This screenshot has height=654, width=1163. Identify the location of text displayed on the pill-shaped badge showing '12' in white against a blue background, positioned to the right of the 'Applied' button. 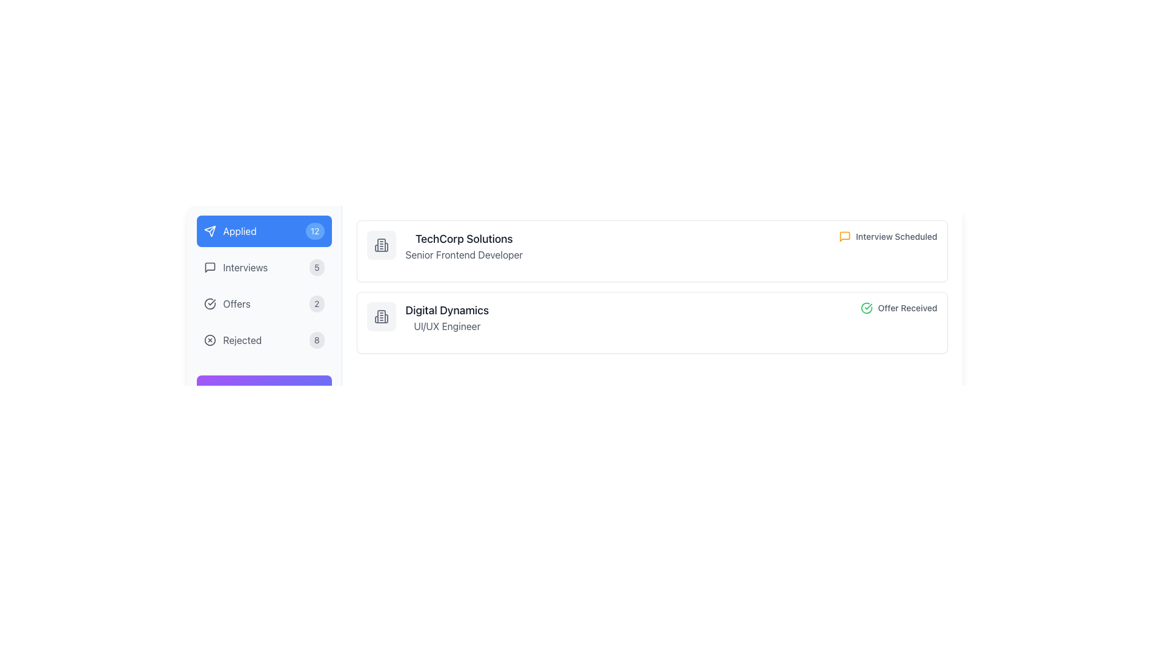
(315, 231).